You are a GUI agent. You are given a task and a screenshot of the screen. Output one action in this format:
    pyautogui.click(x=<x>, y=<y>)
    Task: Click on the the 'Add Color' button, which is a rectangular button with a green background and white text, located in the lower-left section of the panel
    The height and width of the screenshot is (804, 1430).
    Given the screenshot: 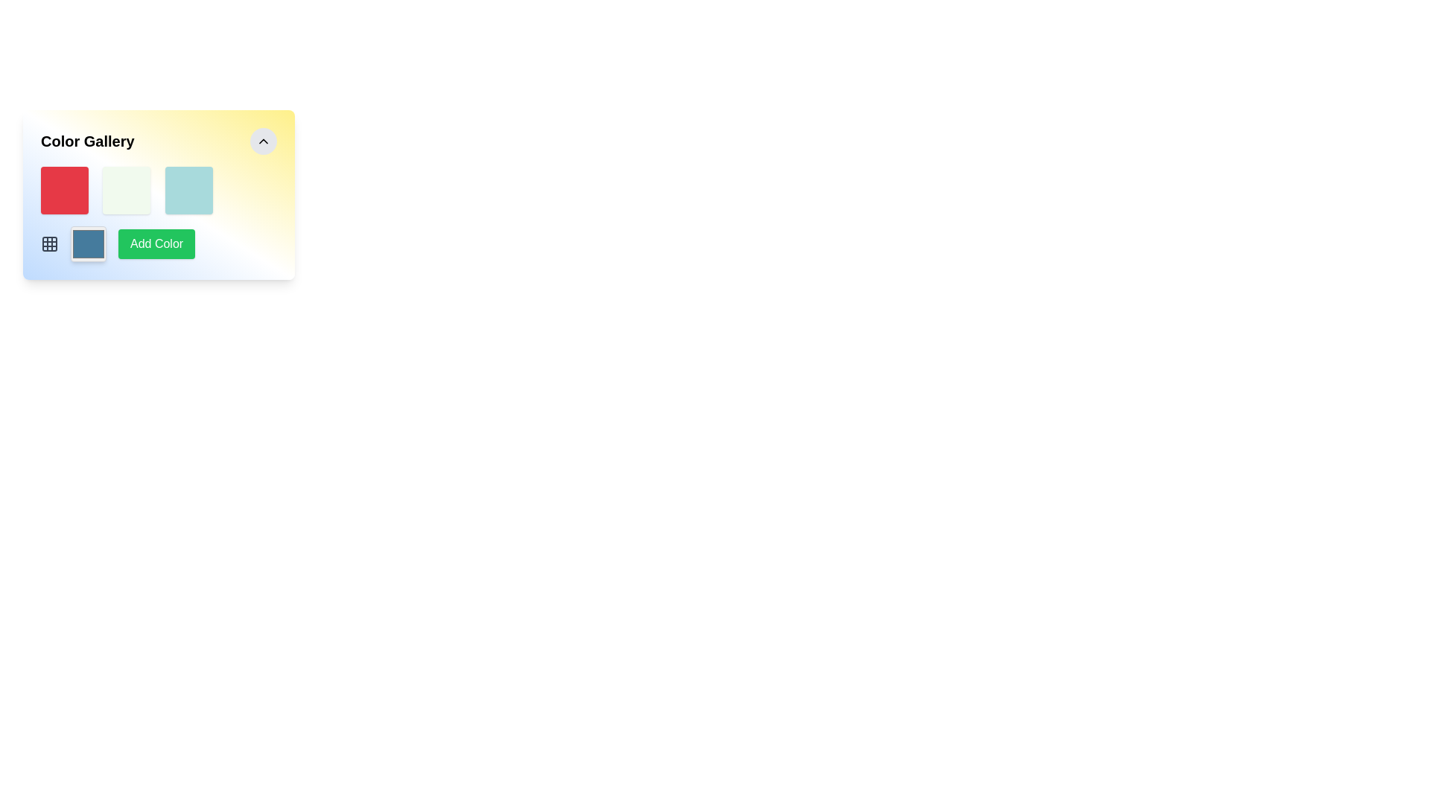 What is the action you would take?
    pyautogui.click(x=156, y=243)
    